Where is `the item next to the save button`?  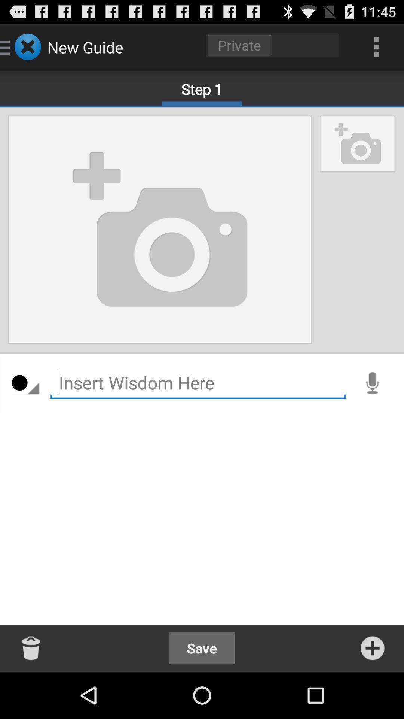
the item next to the save button is located at coordinates (372, 648).